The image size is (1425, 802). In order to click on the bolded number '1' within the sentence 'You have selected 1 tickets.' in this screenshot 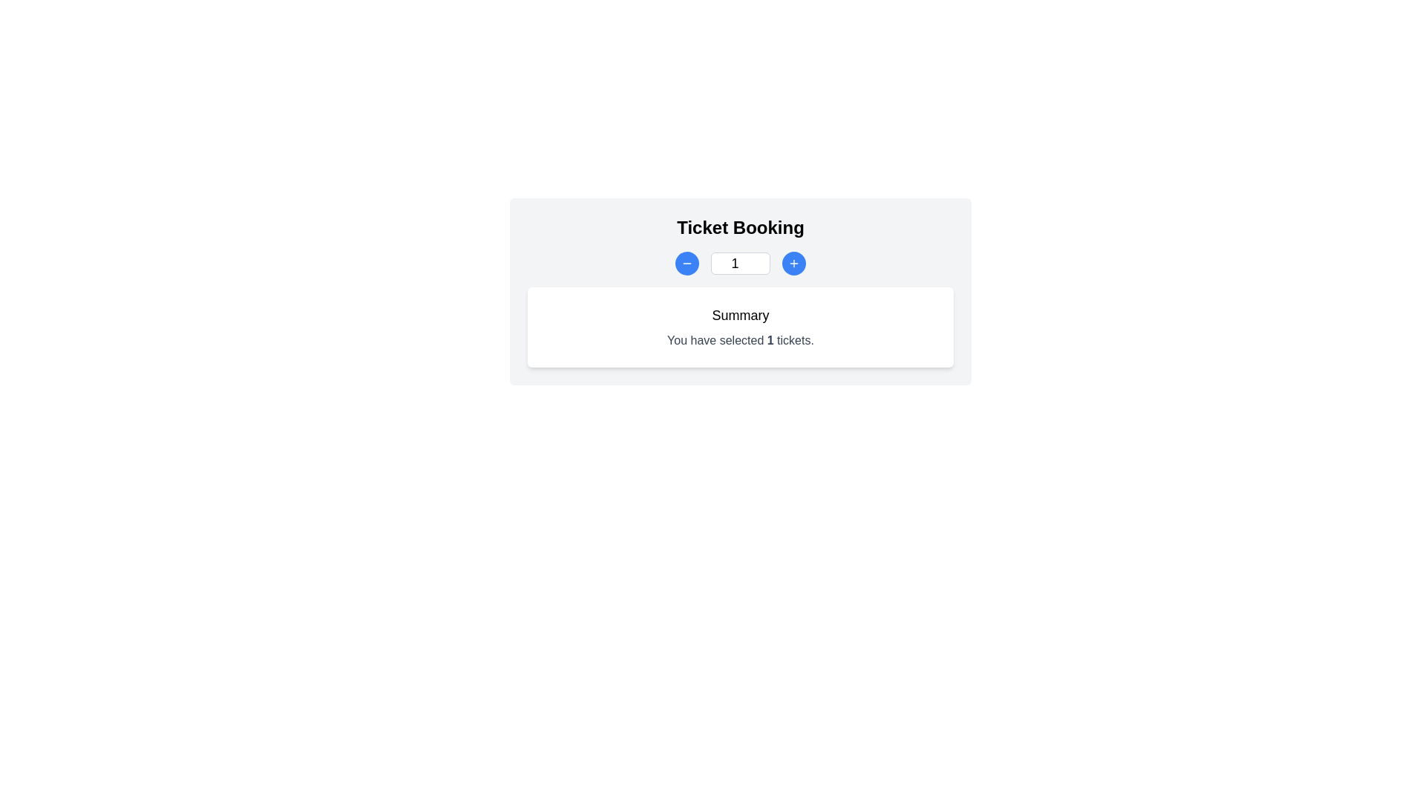, I will do `click(770, 340)`.